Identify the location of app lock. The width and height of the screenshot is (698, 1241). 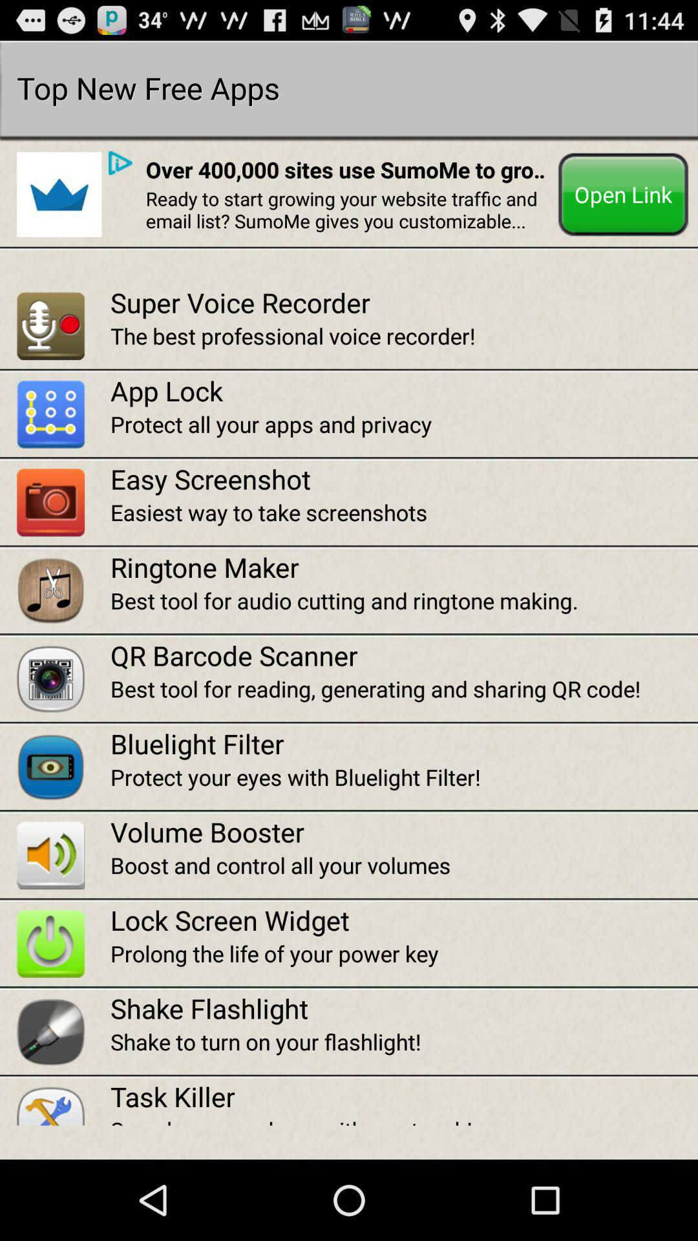
(403, 390).